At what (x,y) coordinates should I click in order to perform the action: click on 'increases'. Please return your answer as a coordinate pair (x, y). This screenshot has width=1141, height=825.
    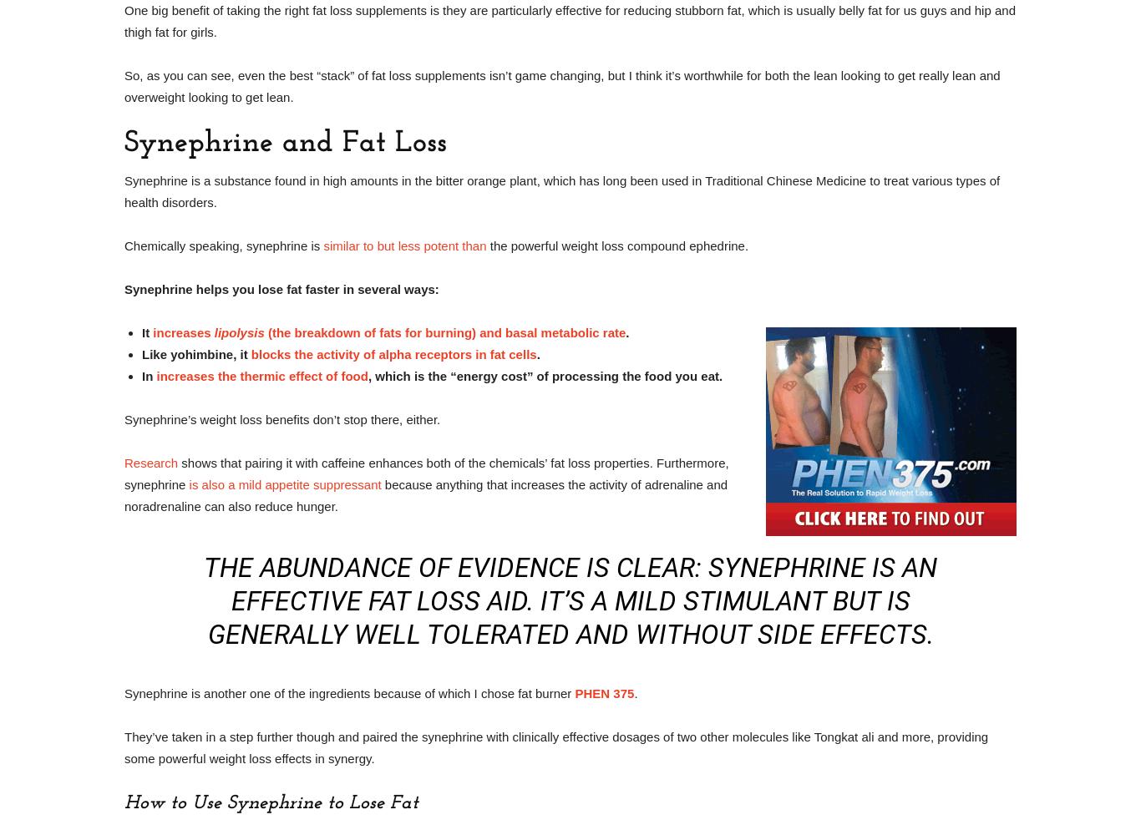
    Looking at the image, I should click on (152, 332).